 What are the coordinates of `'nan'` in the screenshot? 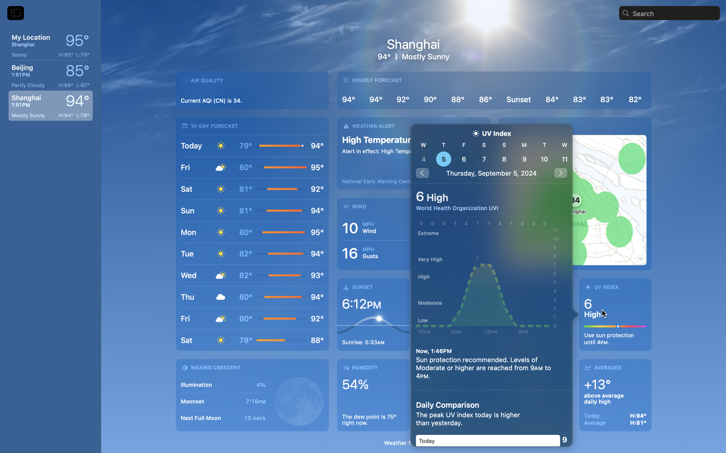 It's located at (492, 154).